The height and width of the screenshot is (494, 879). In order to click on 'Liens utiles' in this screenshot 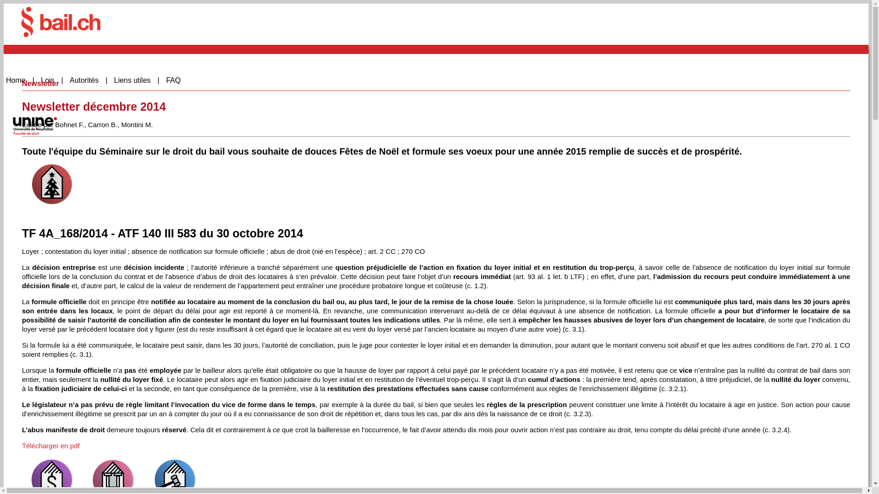, I will do `click(136, 80)`.